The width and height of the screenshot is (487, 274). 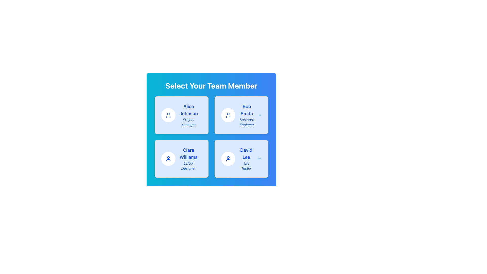 I want to click on the user profile icon representing 'Clara Williams', so click(x=168, y=158).